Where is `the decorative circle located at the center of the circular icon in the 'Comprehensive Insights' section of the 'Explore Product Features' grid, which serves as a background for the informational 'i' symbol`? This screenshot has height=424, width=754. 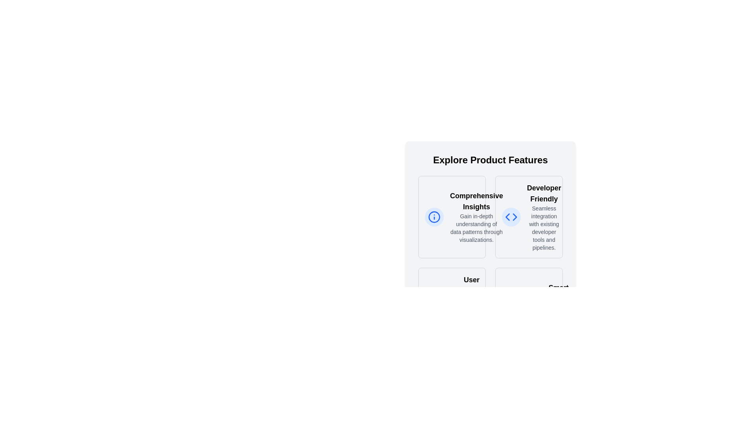
the decorative circle located at the center of the circular icon in the 'Comprehensive Insights' section of the 'Explore Product Features' grid, which serves as a background for the informational 'i' symbol is located at coordinates (434, 217).